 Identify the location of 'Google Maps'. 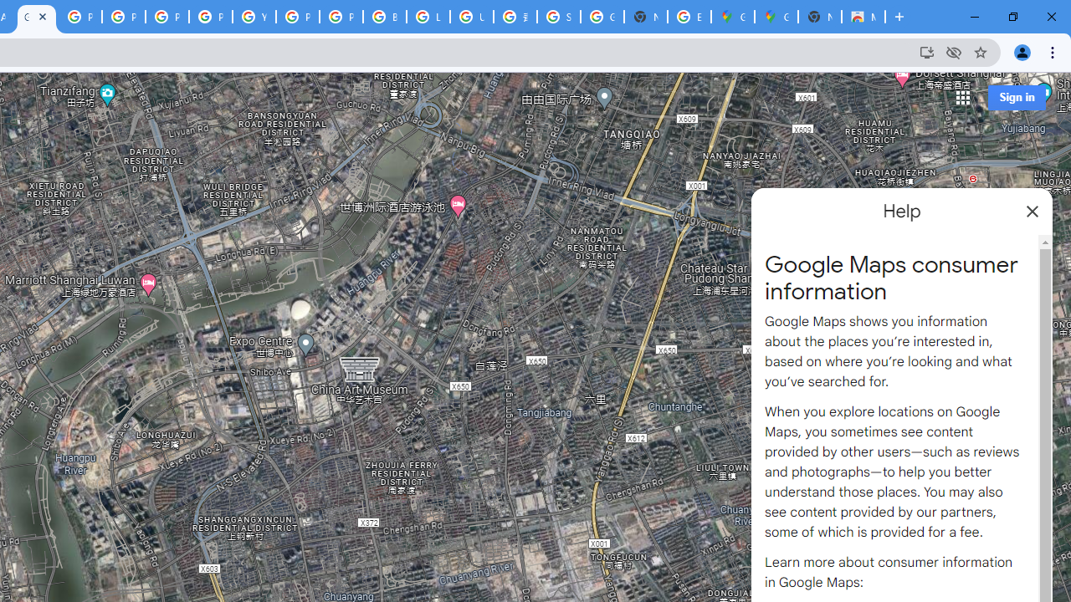
(776, 17).